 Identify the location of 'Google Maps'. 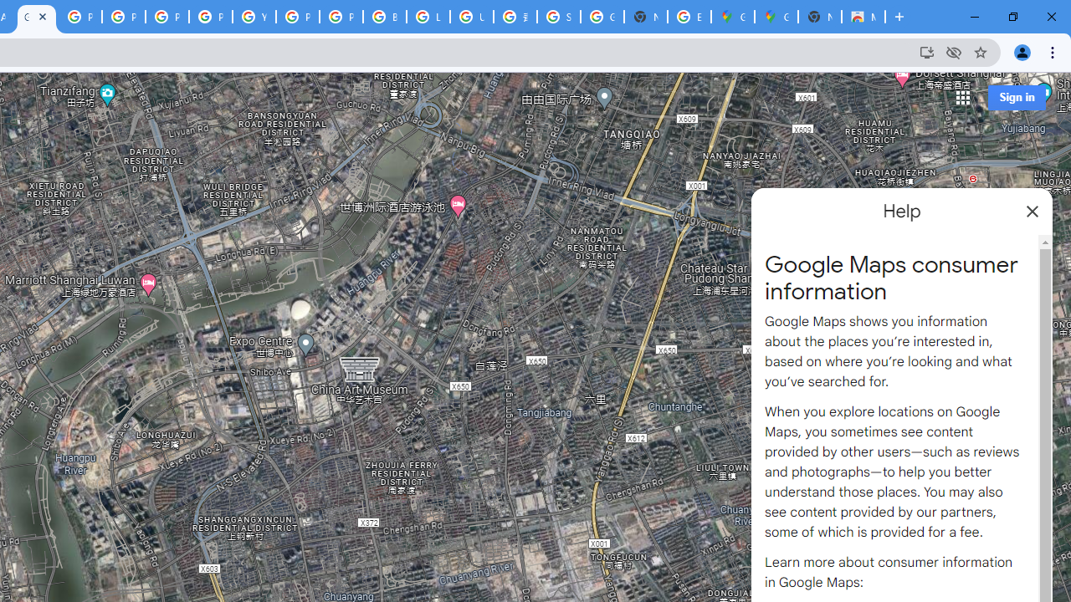
(776, 17).